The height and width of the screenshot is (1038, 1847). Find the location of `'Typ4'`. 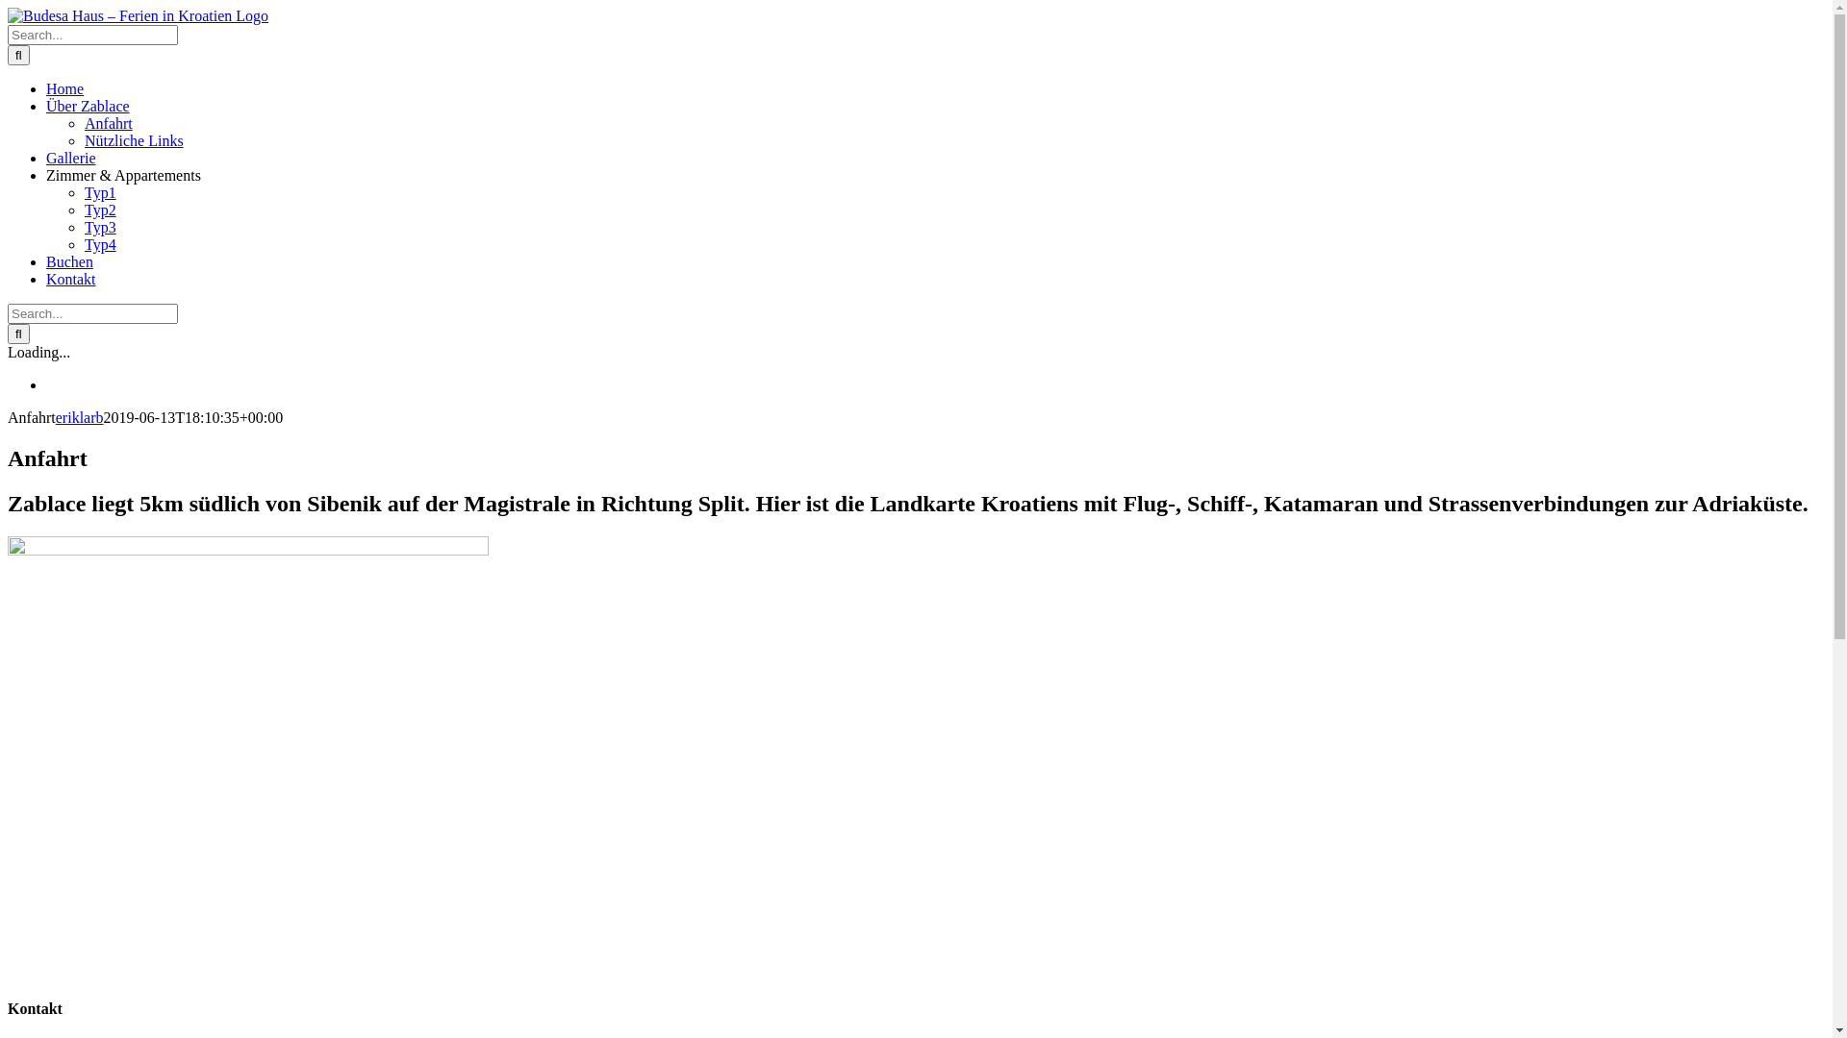

'Typ4' is located at coordinates (99, 243).